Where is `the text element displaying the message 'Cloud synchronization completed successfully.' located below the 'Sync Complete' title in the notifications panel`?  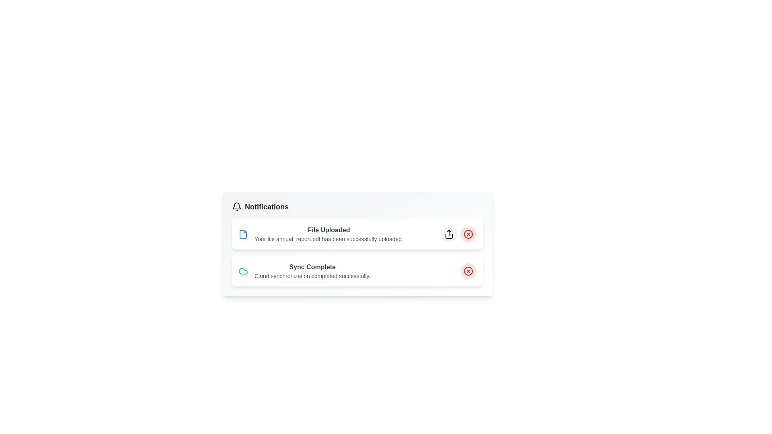
the text element displaying the message 'Cloud synchronization completed successfully.' located below the 'Sync Complete' title in the notifications panel is located at coordinates (312, 275).